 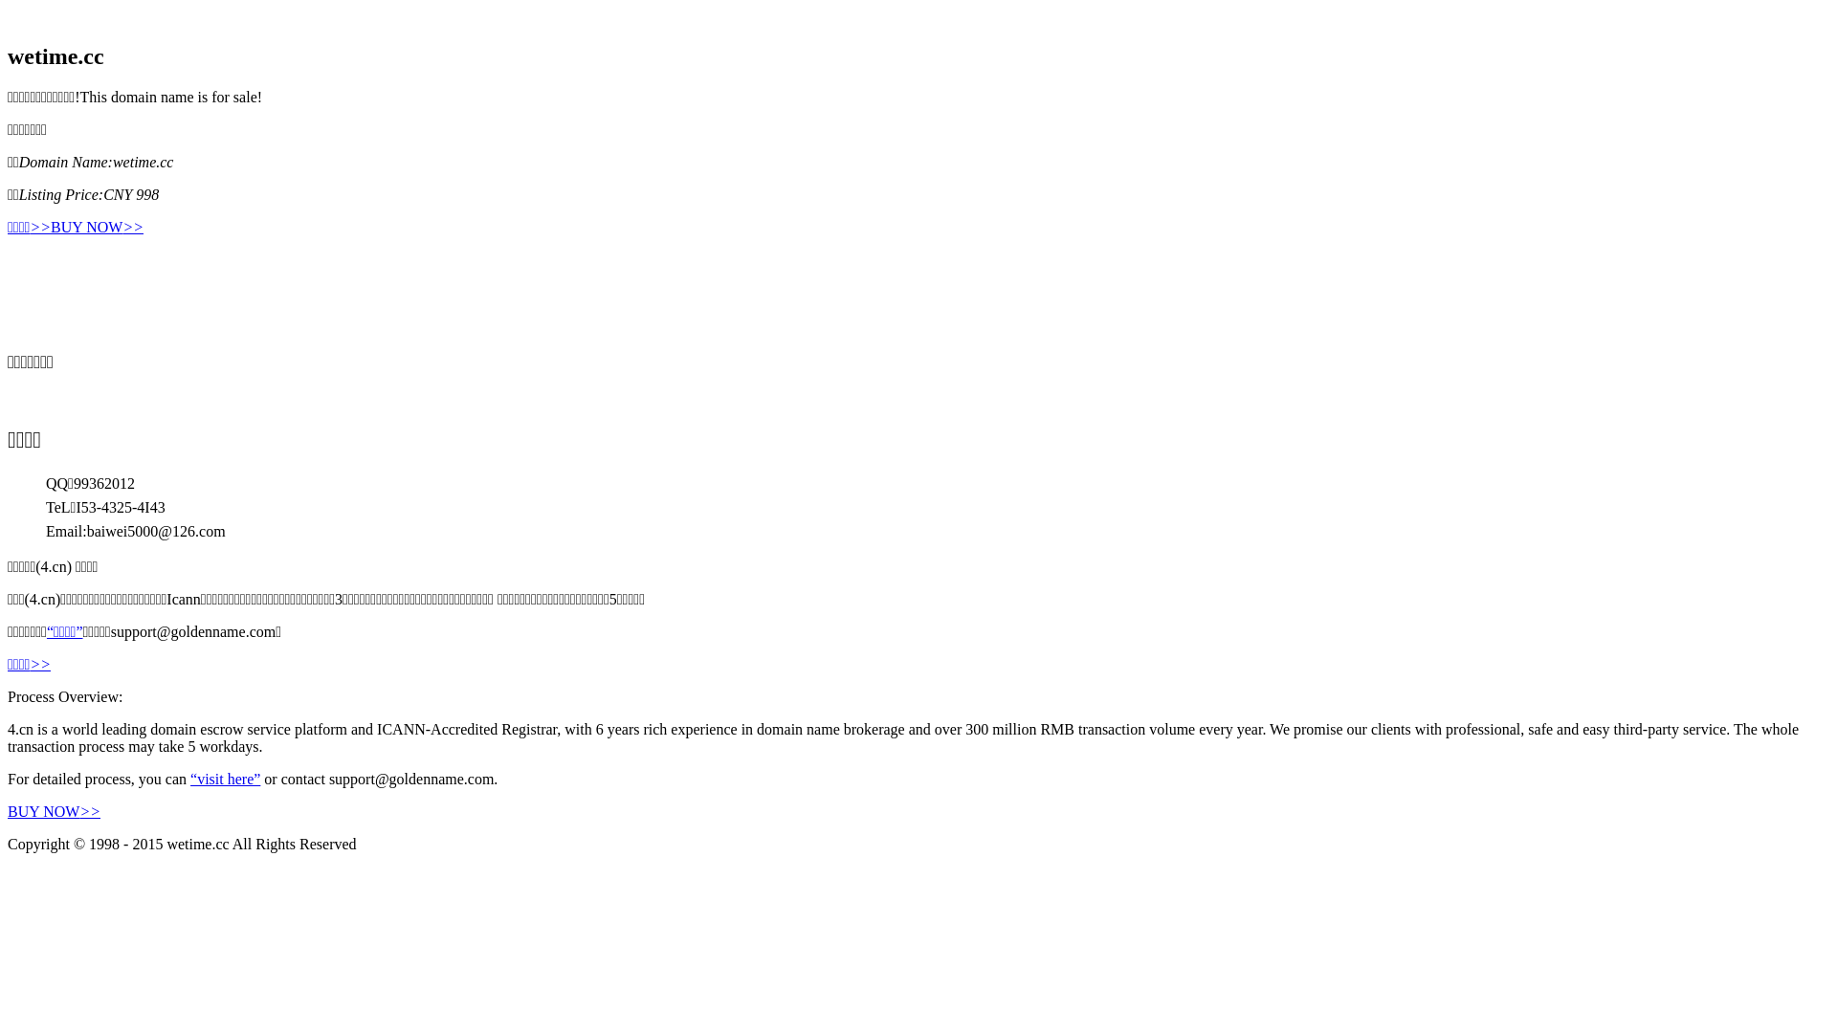 What do you see at coordinates (54, 811) in the screenshot?
I see `'BUY NOW>>'` at bounding box center [54, 811].